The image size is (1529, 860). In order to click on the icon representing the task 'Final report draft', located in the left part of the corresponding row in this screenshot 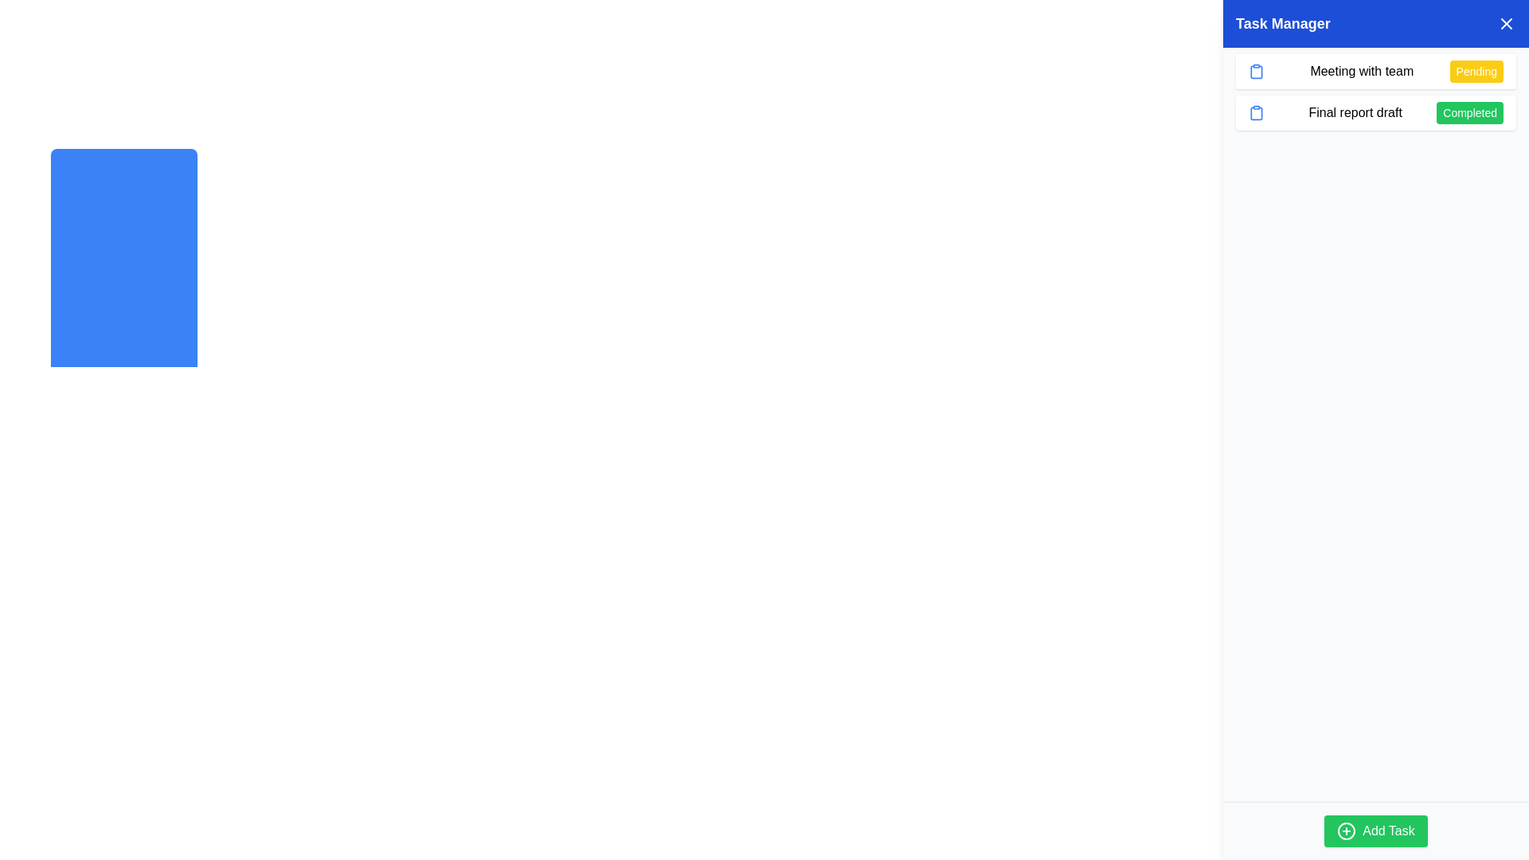, I will do `click(1256, 112)`.